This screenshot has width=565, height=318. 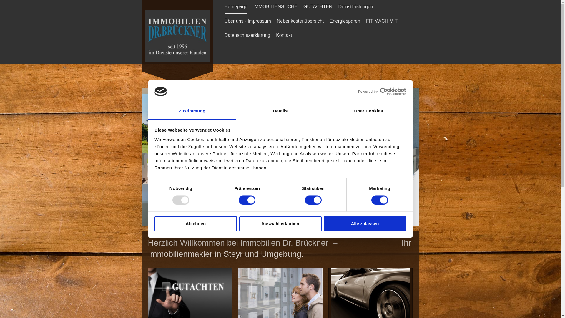 I want to click on 'Details', so click(x=280, y=111).